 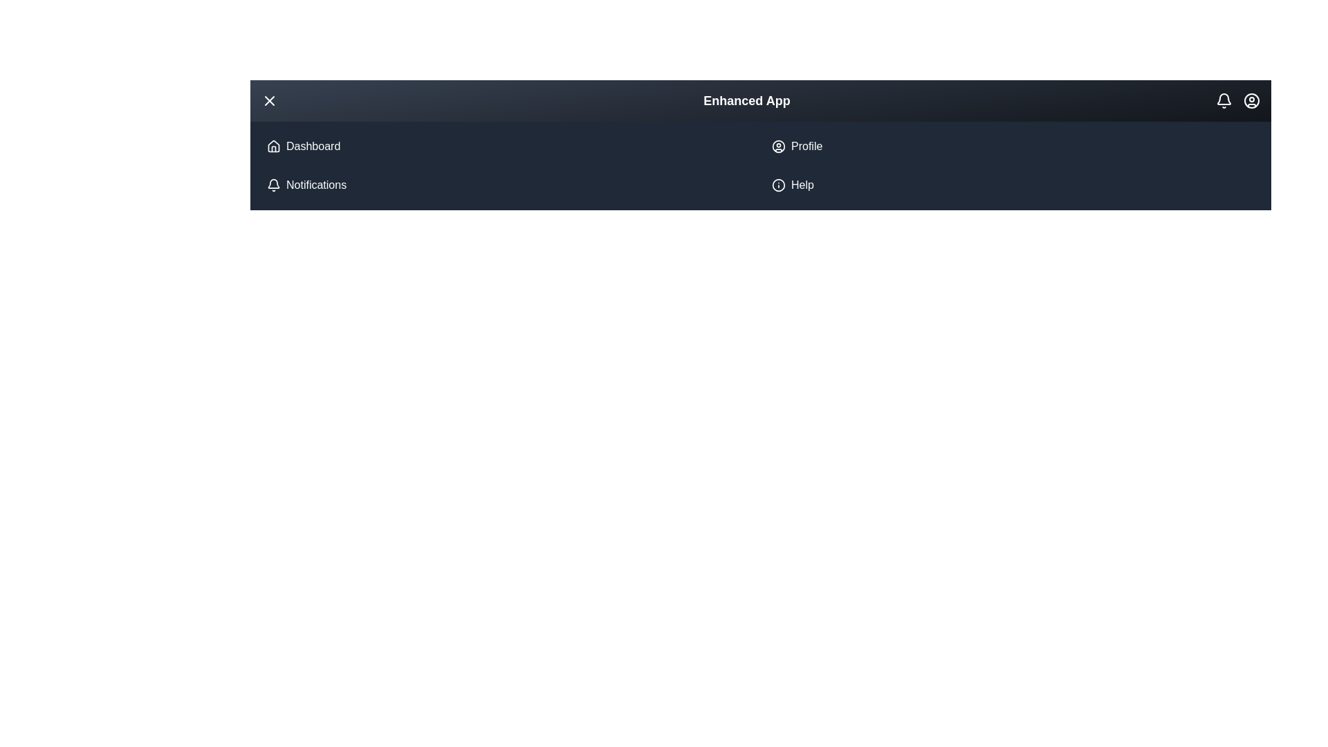 I want to click on the 'Notifications' list item in the menu, so click(x=507, y=184).